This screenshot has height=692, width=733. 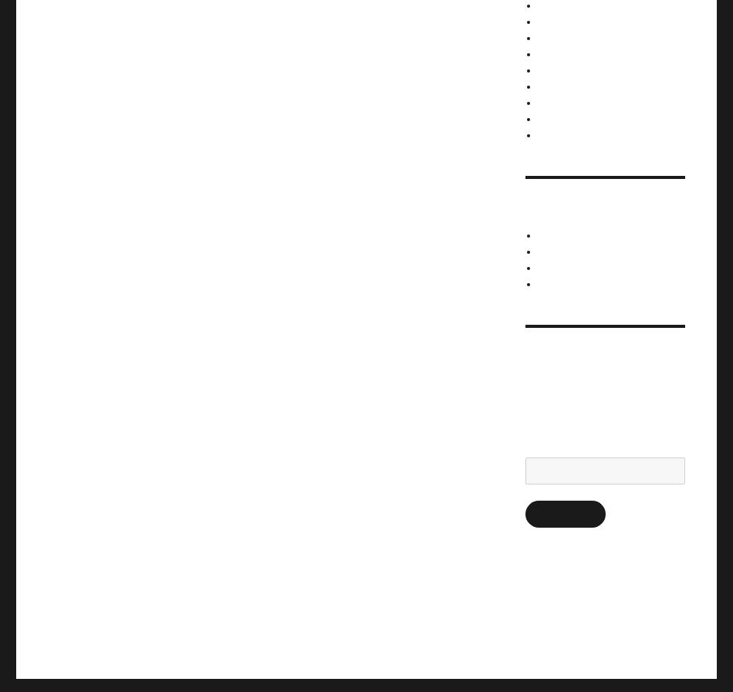 I want to click on 'Proudly powered by WordPress', so click(x=231, y=621).